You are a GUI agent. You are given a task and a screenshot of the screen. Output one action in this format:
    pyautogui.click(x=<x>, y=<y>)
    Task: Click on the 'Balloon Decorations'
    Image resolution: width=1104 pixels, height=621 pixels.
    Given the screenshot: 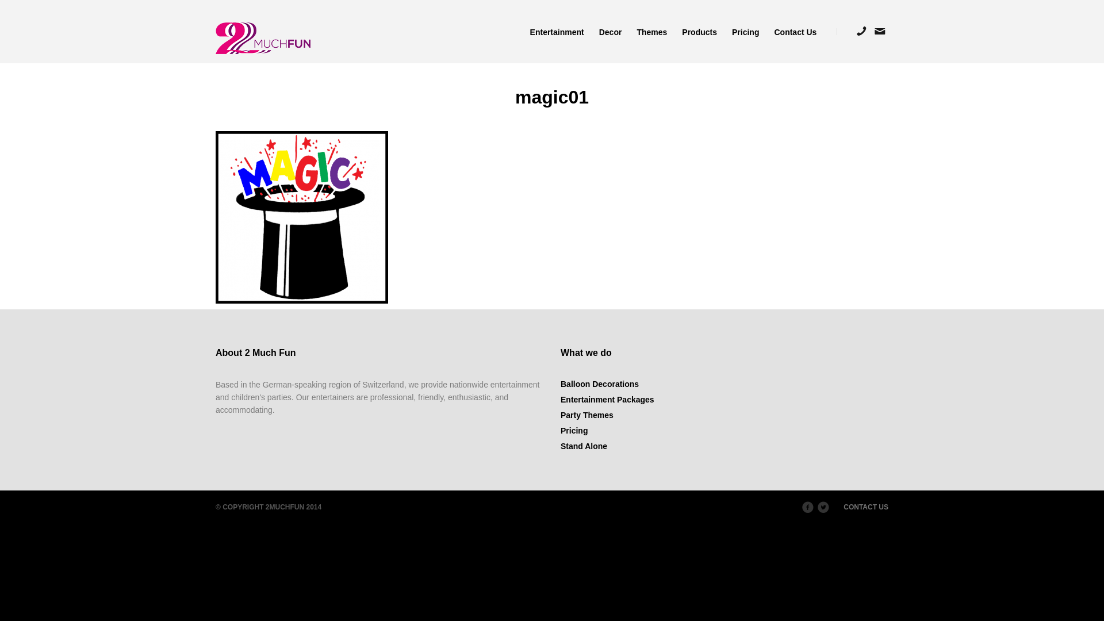 What is the action you would take?
    pyautogui.click(x=599, y=384)
    